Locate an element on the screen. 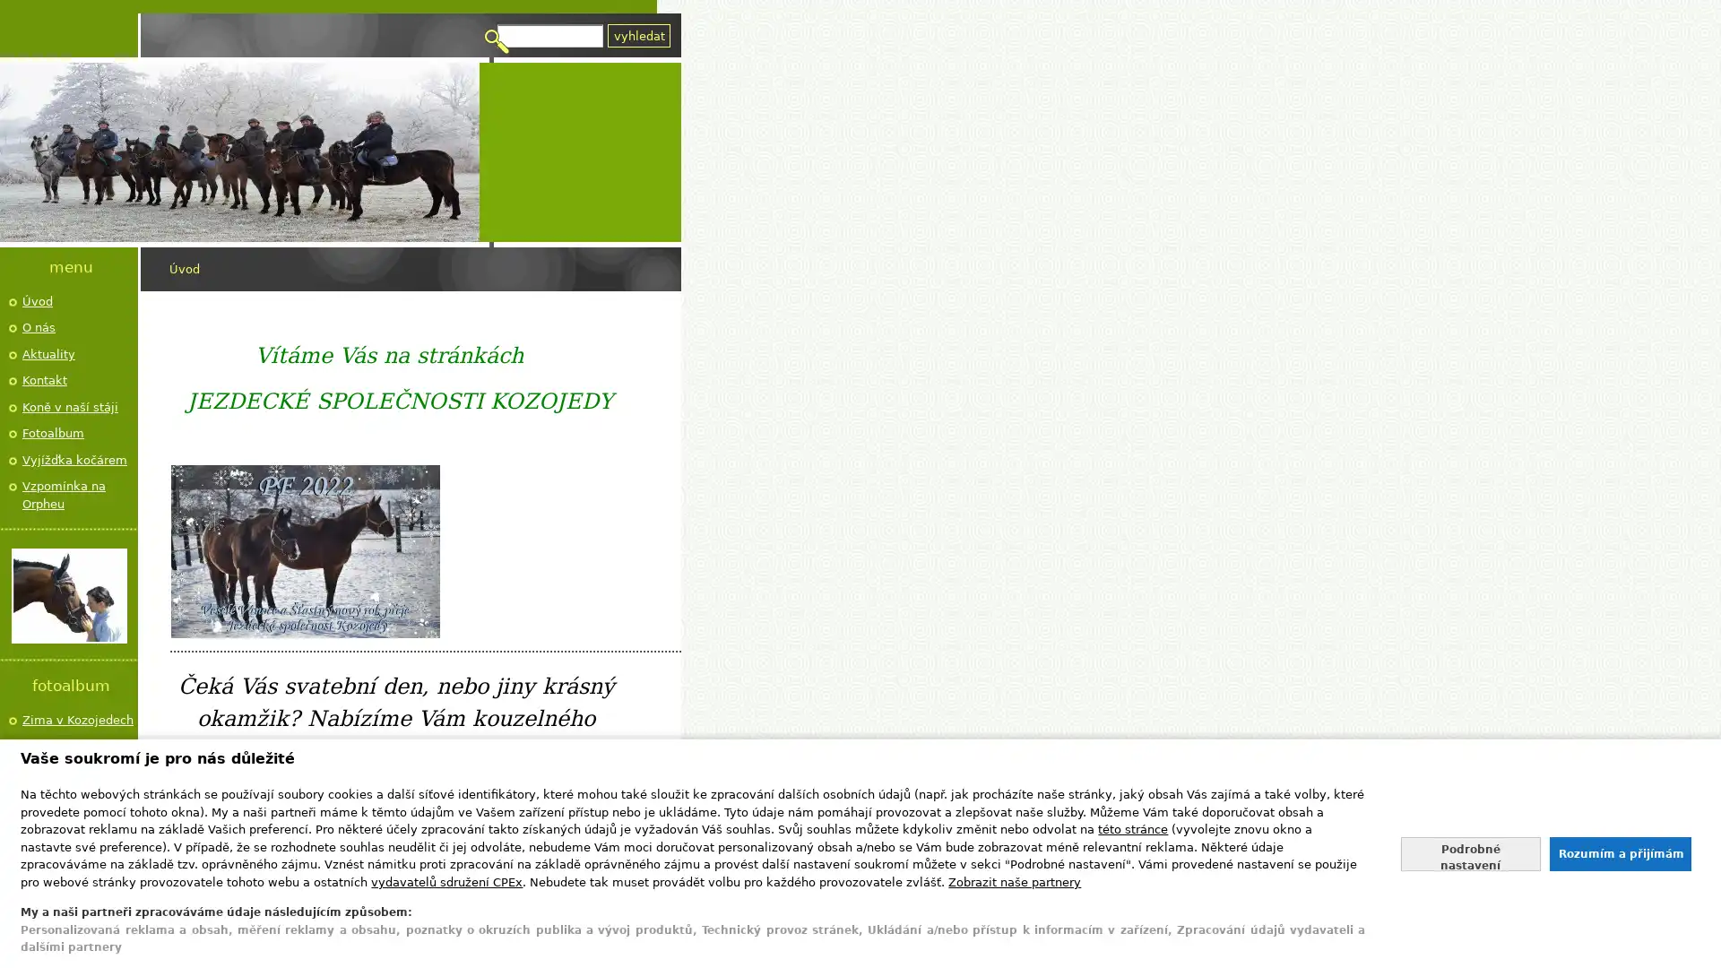  Nastavte sve souhlasy is located at coordinates (1470, 852).